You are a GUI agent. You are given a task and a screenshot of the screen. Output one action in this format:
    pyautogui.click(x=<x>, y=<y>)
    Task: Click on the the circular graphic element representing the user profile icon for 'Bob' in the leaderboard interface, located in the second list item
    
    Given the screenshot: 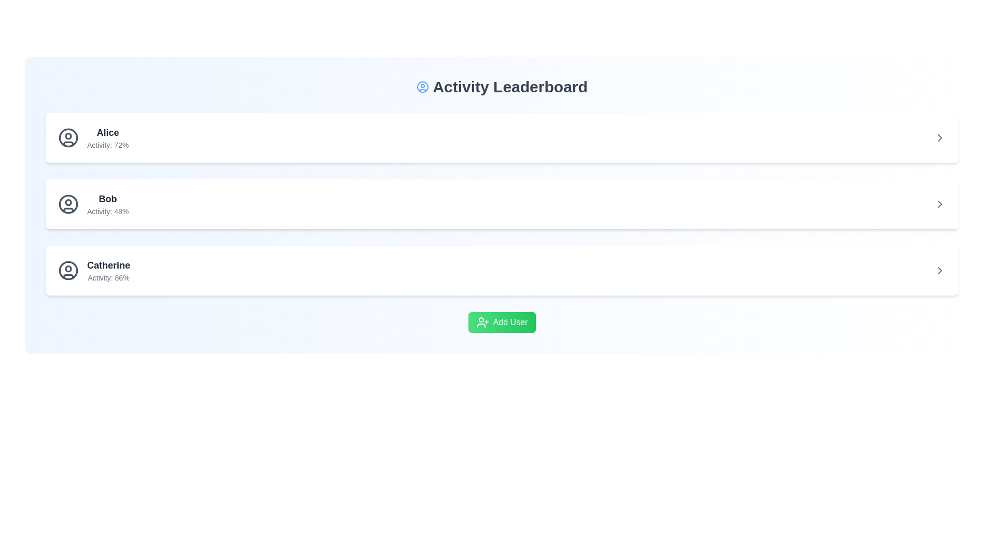 What is the action you would take?
    pyautogui.click(x=68, y=204)
    